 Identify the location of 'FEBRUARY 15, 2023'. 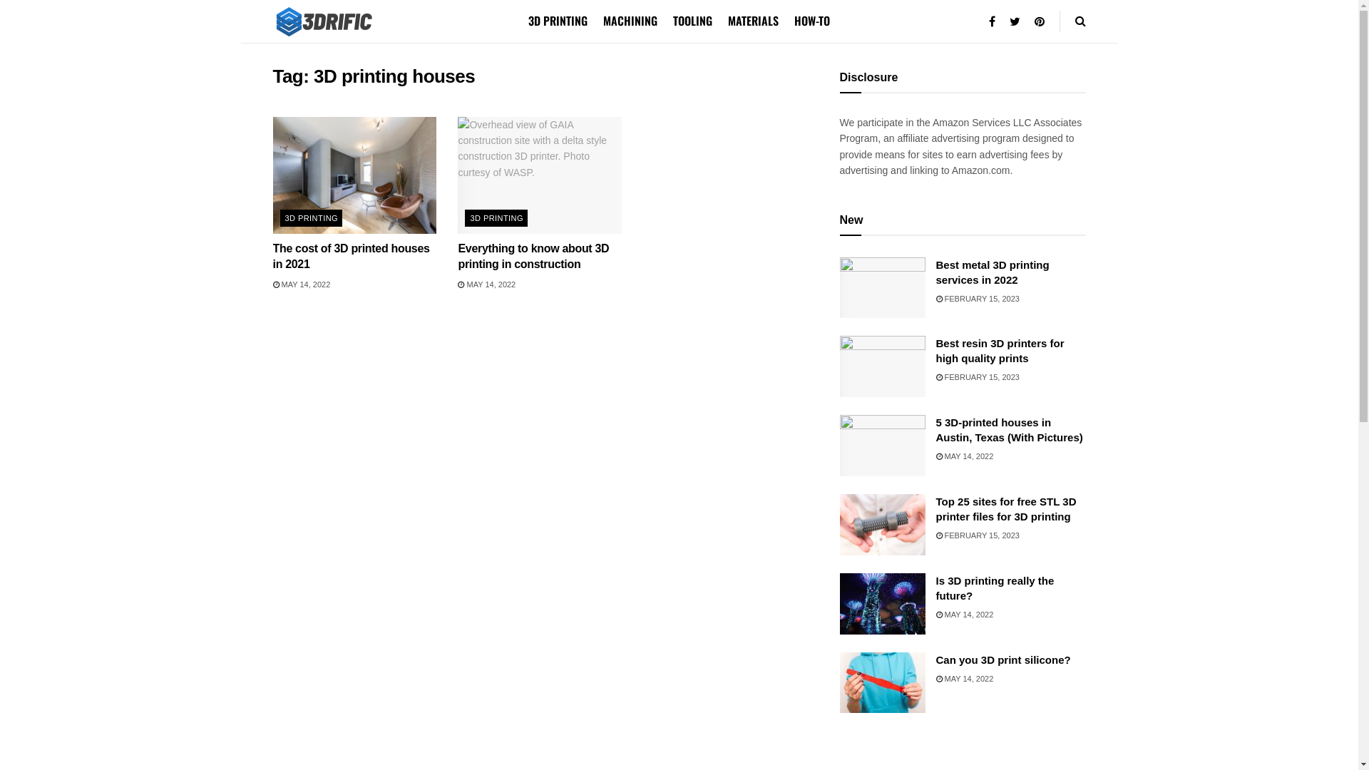
(976, 298).